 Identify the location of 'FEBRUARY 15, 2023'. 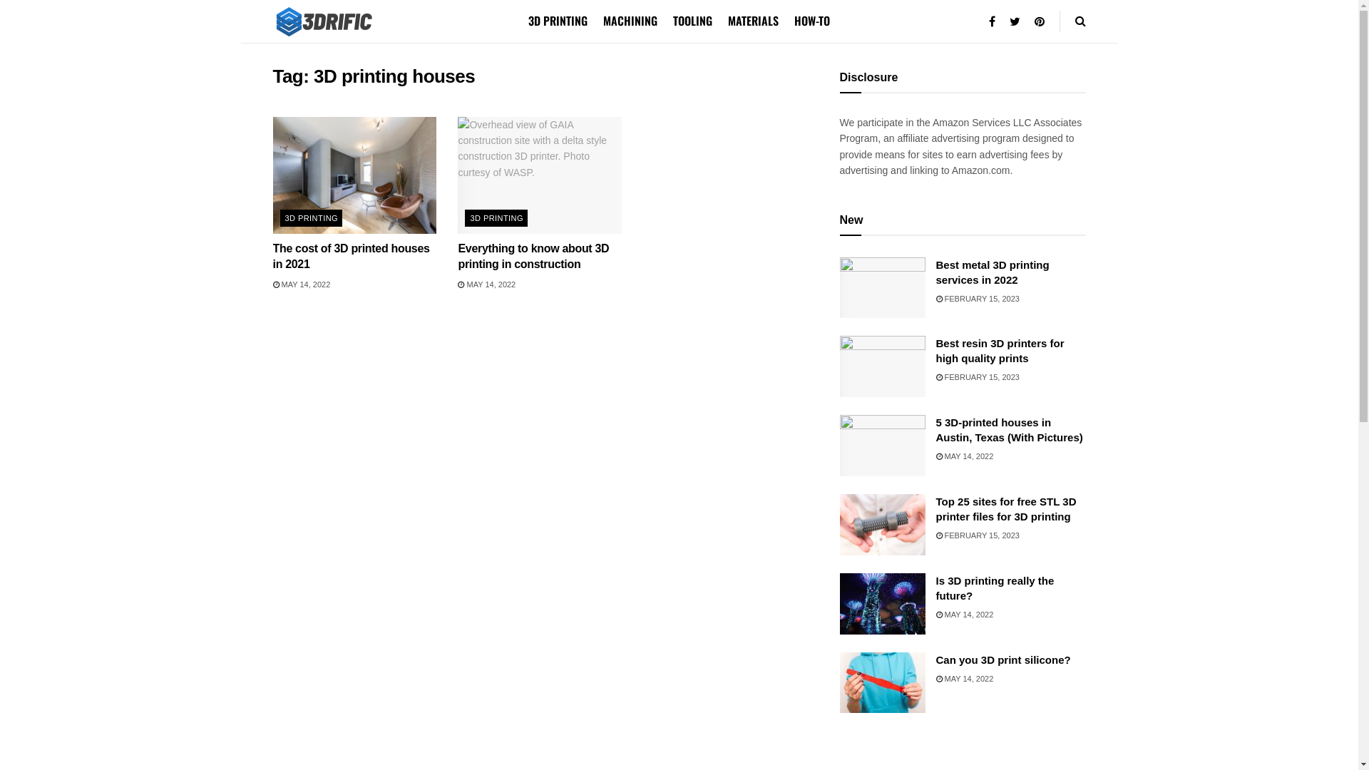
(976, 298).